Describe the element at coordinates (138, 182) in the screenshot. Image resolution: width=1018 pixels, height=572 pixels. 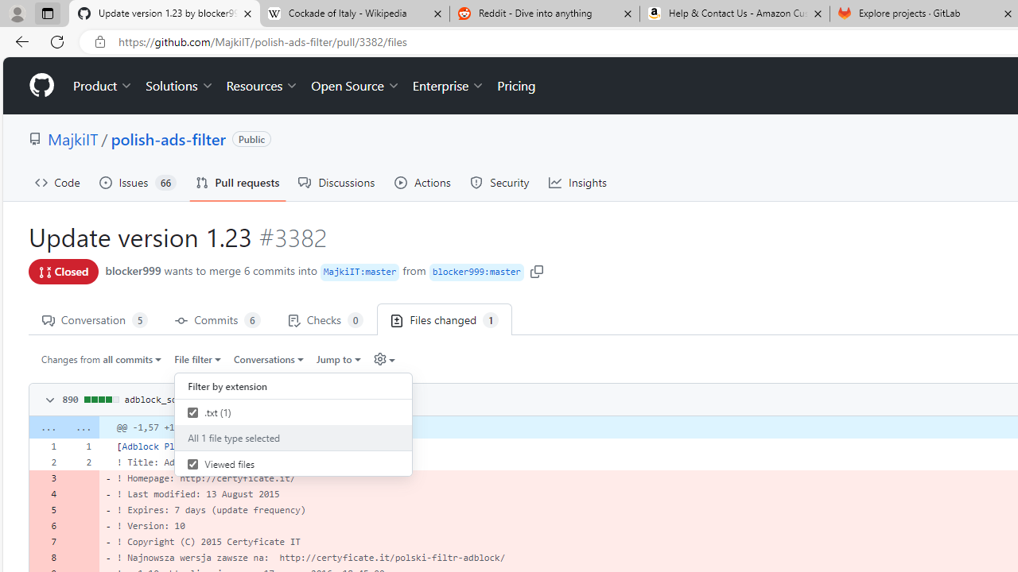
I see `'Issues 66'` at that location.